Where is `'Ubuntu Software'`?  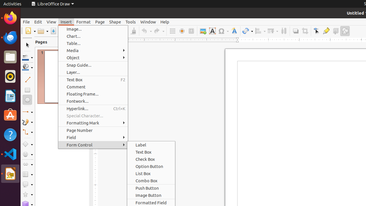 'Ubuntu Software' is located at coordinates (10, 115).